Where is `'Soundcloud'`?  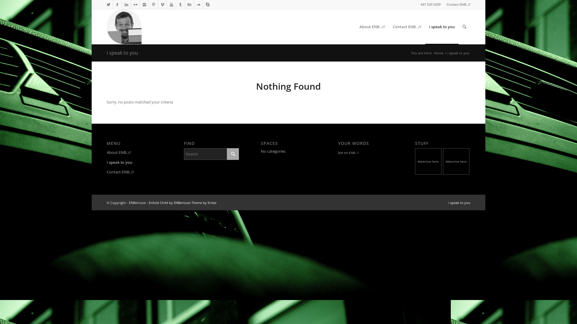
'Soundcloud' is located at coordinates (198, 4).